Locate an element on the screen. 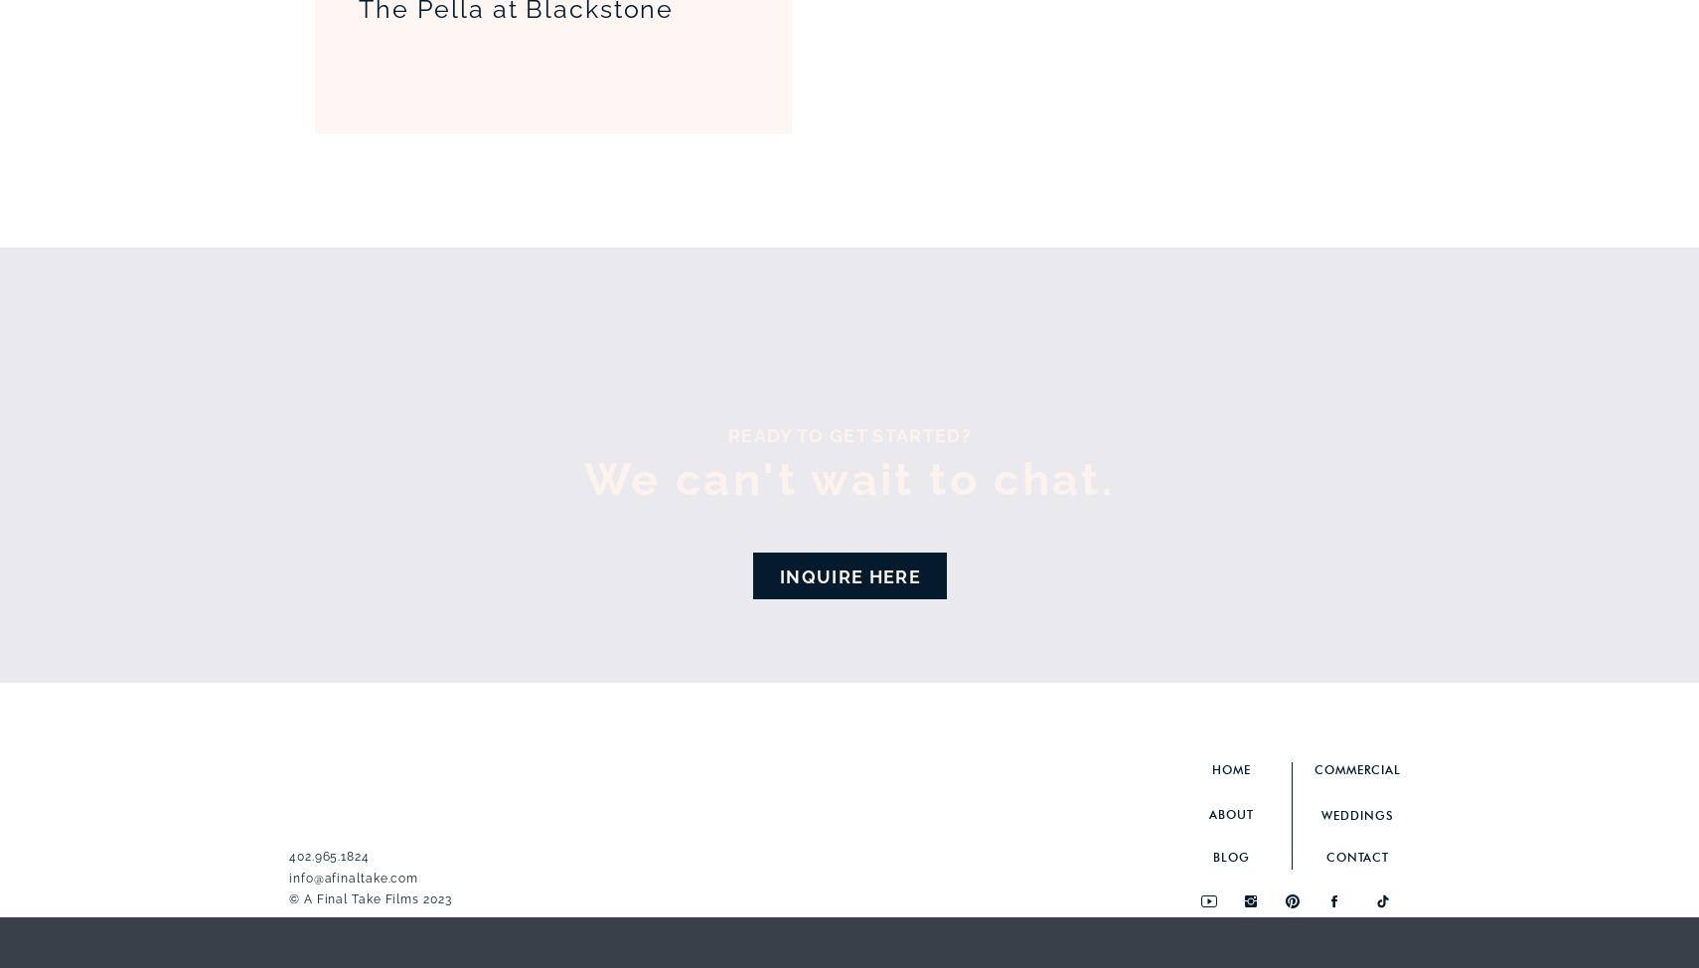 The image size is (1699, 968). 'contact' is located at coordinates (1324, 857).